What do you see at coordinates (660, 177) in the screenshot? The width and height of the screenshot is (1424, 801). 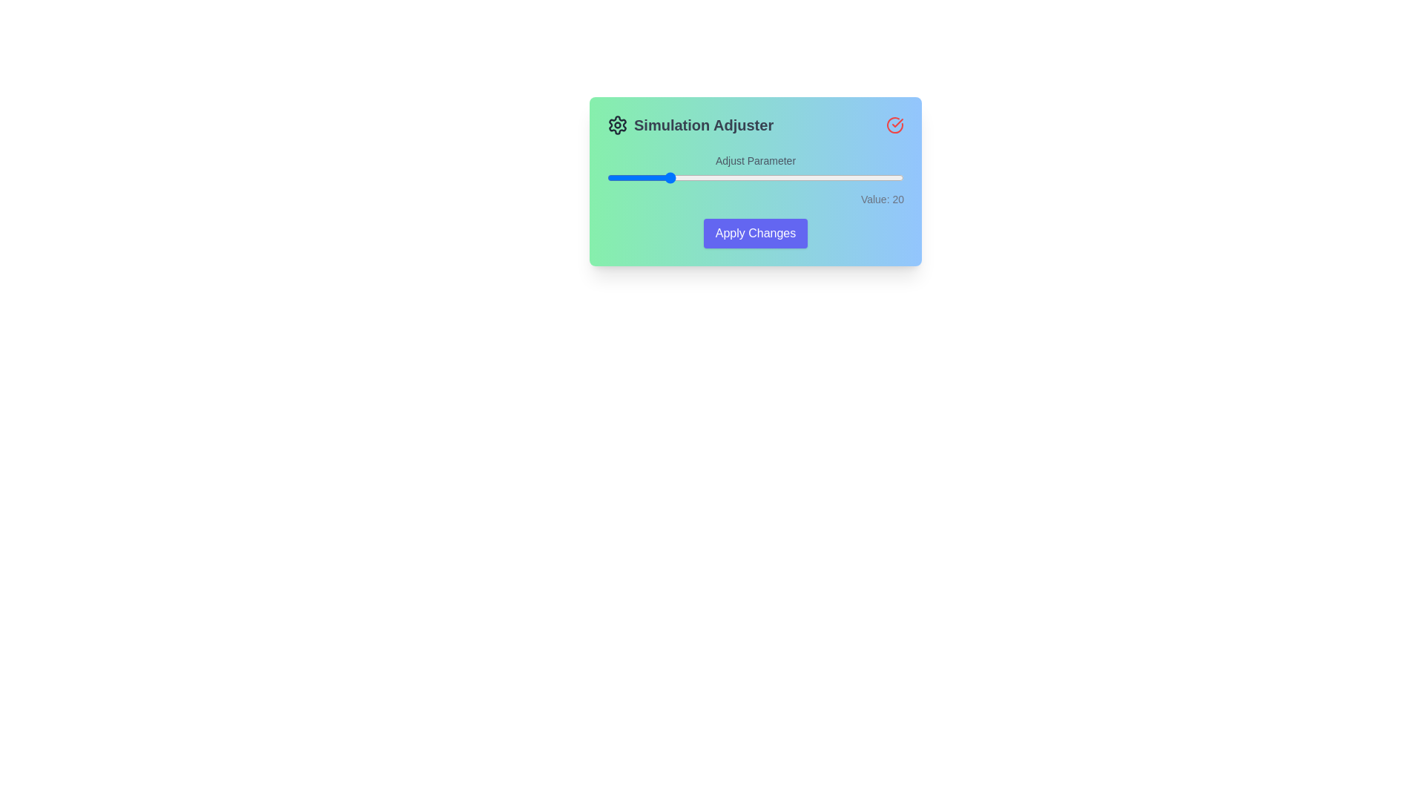 I see `the slider to set the value to 18` at bounding box center [660, 177].